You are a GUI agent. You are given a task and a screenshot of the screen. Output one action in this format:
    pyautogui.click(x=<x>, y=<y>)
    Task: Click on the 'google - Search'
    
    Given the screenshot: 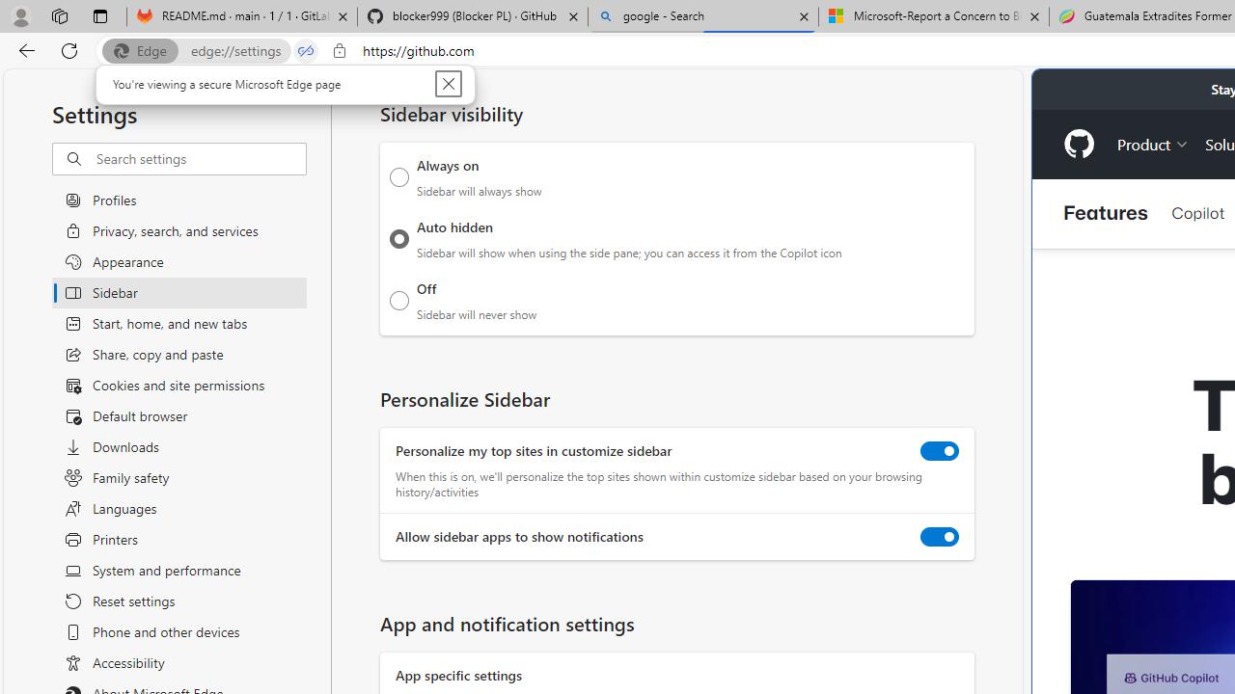 What is the action you would take?
    pyautogui.click(x=702, y=16)
    